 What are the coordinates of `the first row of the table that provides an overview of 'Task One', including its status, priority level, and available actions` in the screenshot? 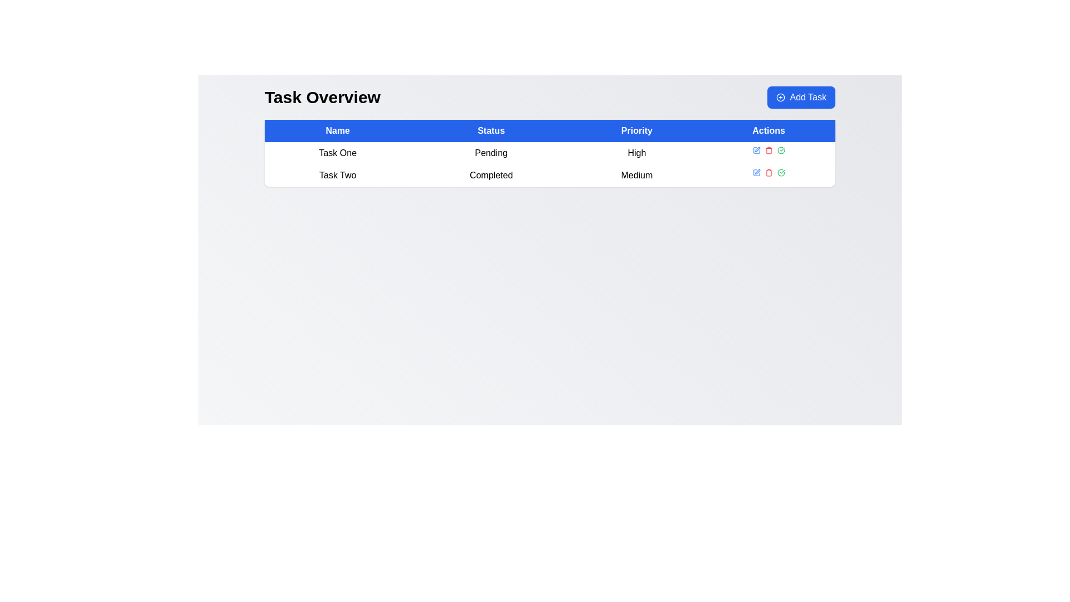 It's located at (550, 153).